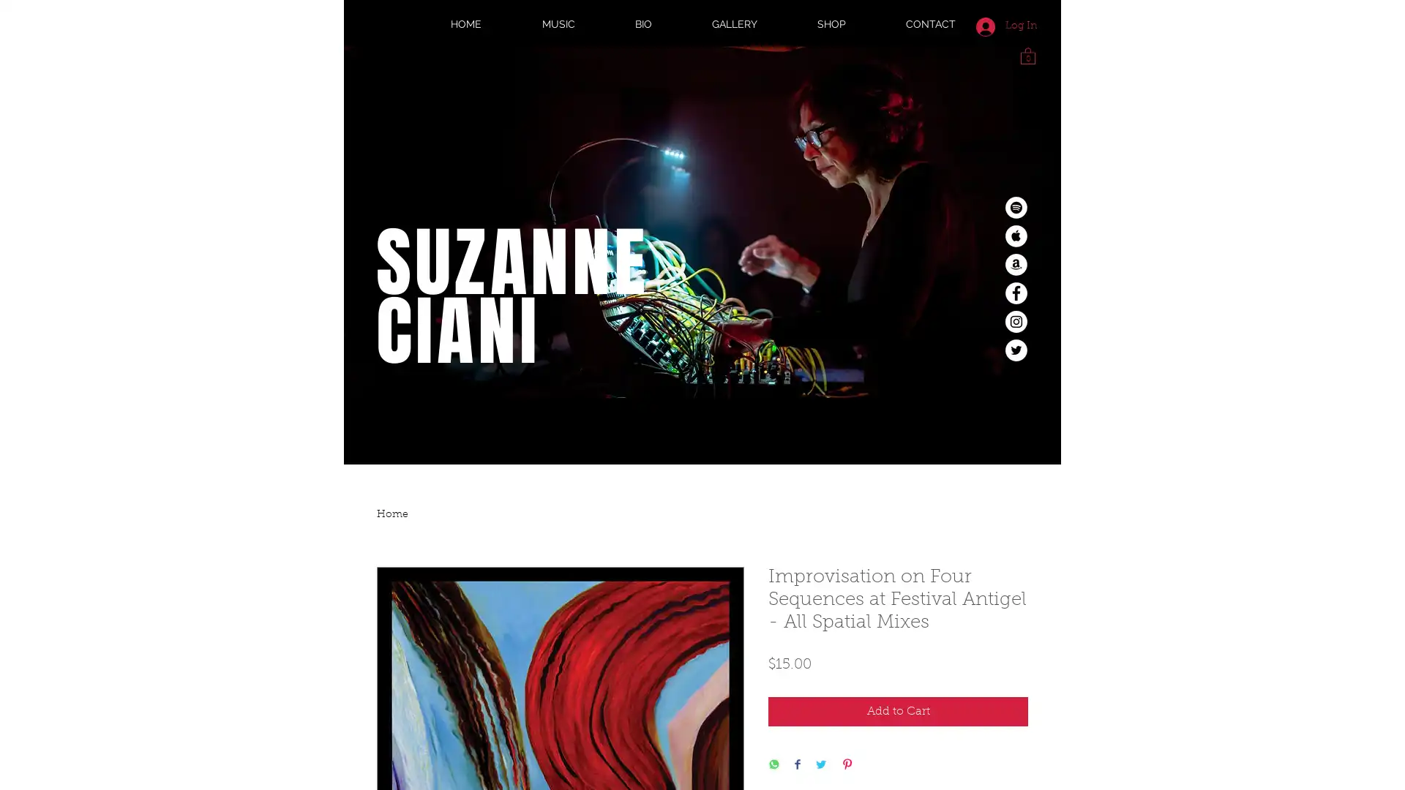  Describe the element at coordinates (773, 764) in the screenshot. I see `Share on WhatsApp` at that location.